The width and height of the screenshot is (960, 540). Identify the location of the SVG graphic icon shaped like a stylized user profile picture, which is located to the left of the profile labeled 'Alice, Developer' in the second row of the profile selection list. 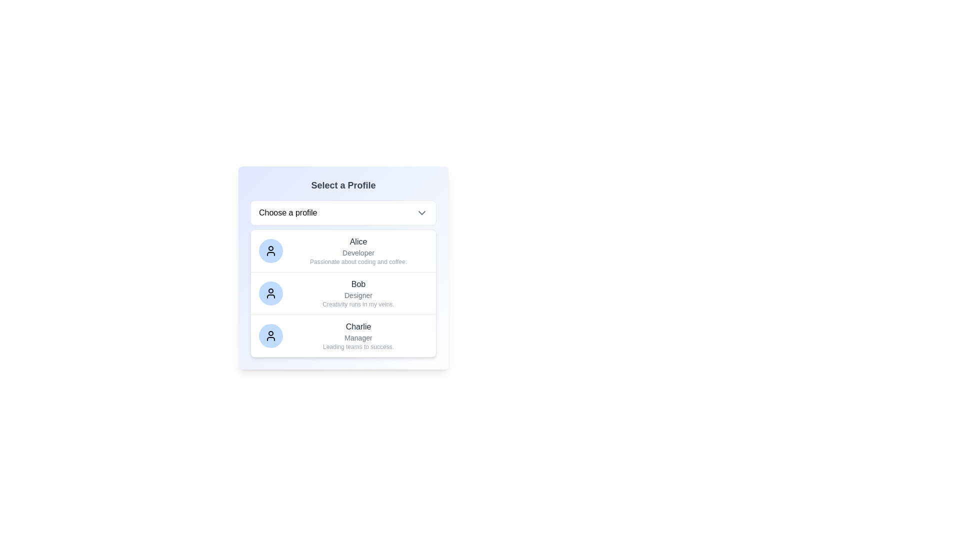
(271, 292).